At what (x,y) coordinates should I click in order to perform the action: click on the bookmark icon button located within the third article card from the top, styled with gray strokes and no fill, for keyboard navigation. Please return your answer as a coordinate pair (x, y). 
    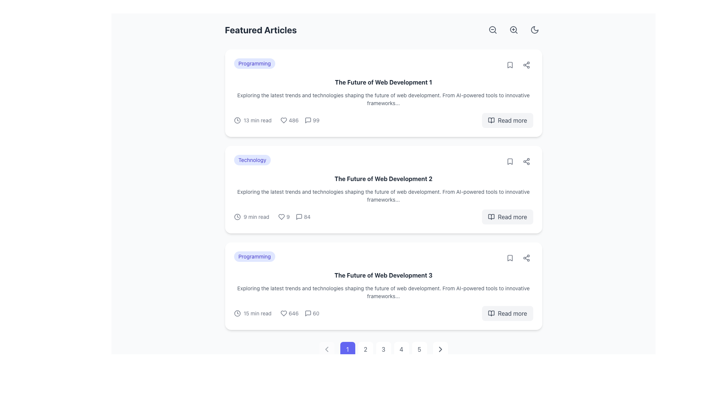
    Looking at the image, I should click on (509, 258).